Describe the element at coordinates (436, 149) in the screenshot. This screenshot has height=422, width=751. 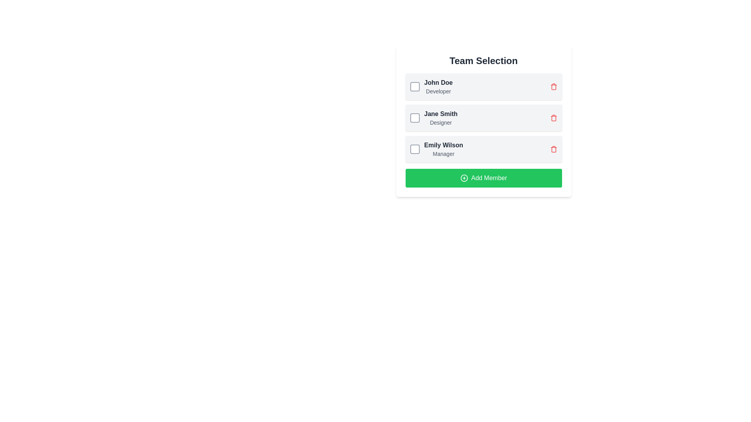
I see `the text component displaying 'Emily Wilson' with the title 'Manager' below it, which is the third item in the 'Team Selection' list` at that location.